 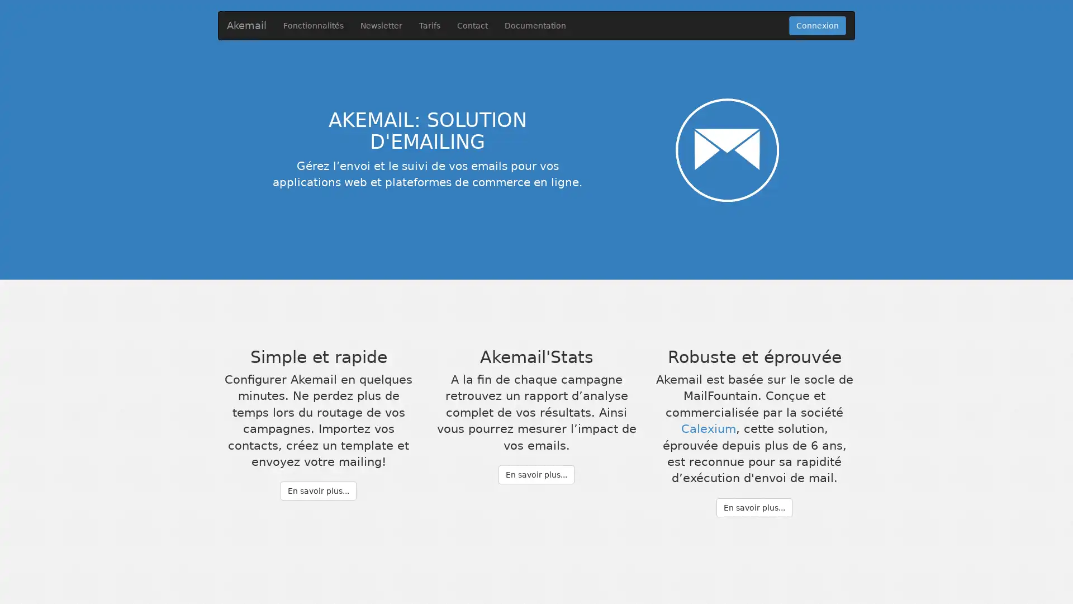 What do you see at coordinates (318, 490) in the screenshot?
I see `En savoir plus...` at bounding box center [318, 490].